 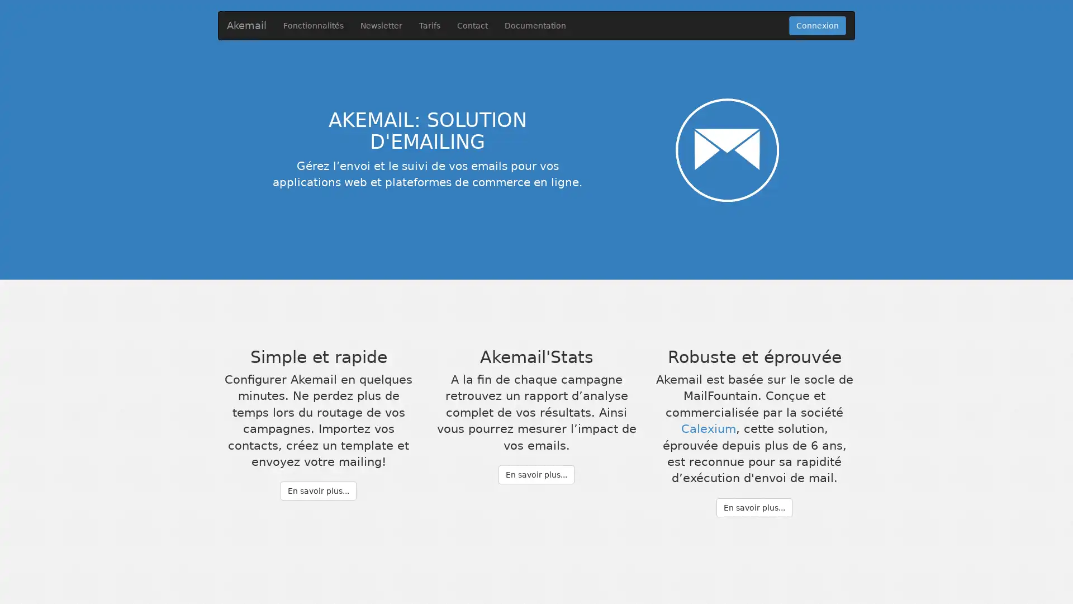 What do you see at coordinates (318, 490) in the screenshot?
I see `En savoir plus...` at bounding box center [318, 490].